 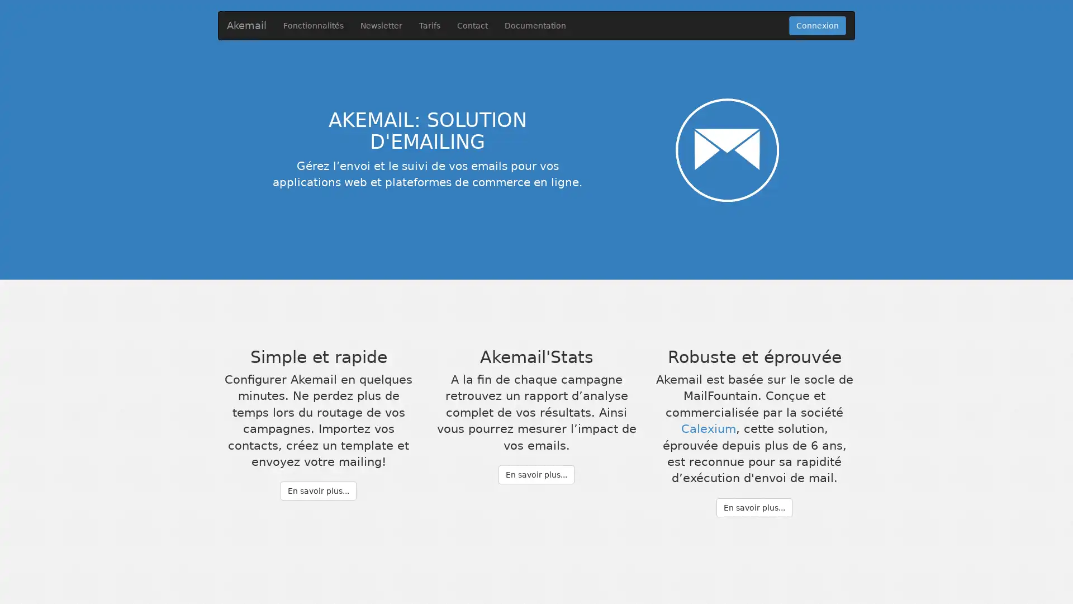 What do you see at coordinates (318, 490) in the screenshot?
I see `En savoir plus...` at bounding box center [318, 490].